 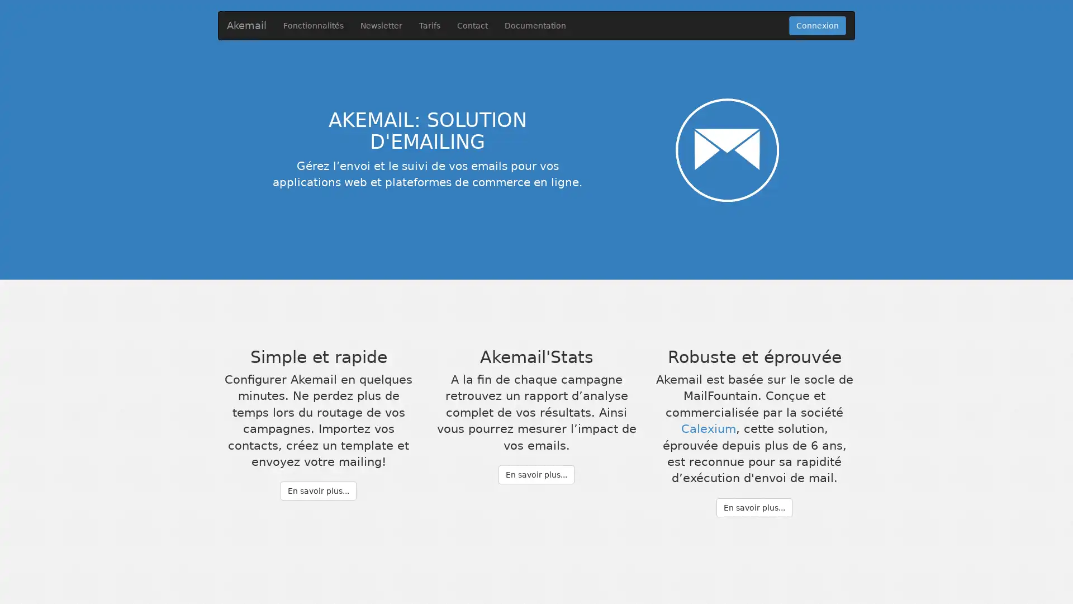 What do you see at coordinates (318, 490) in the screenshot?
I see `En savoir plus...` at bounding box center [318, 490].